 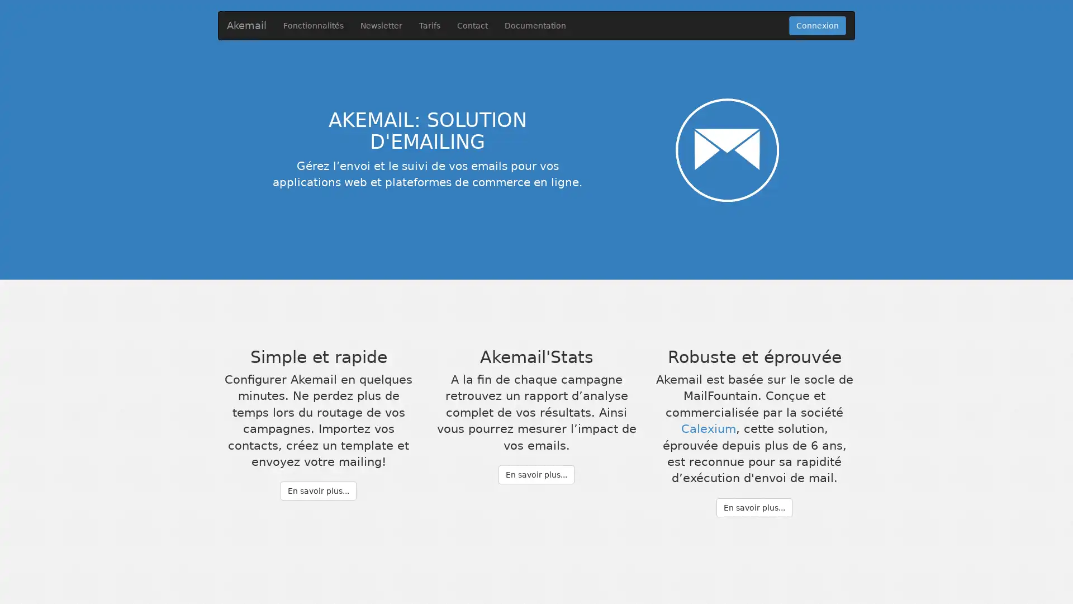 What do you see at coordinates (318, 490) in the screenshot?
I see `En savoir plus...` at bounding box center [318, 490].